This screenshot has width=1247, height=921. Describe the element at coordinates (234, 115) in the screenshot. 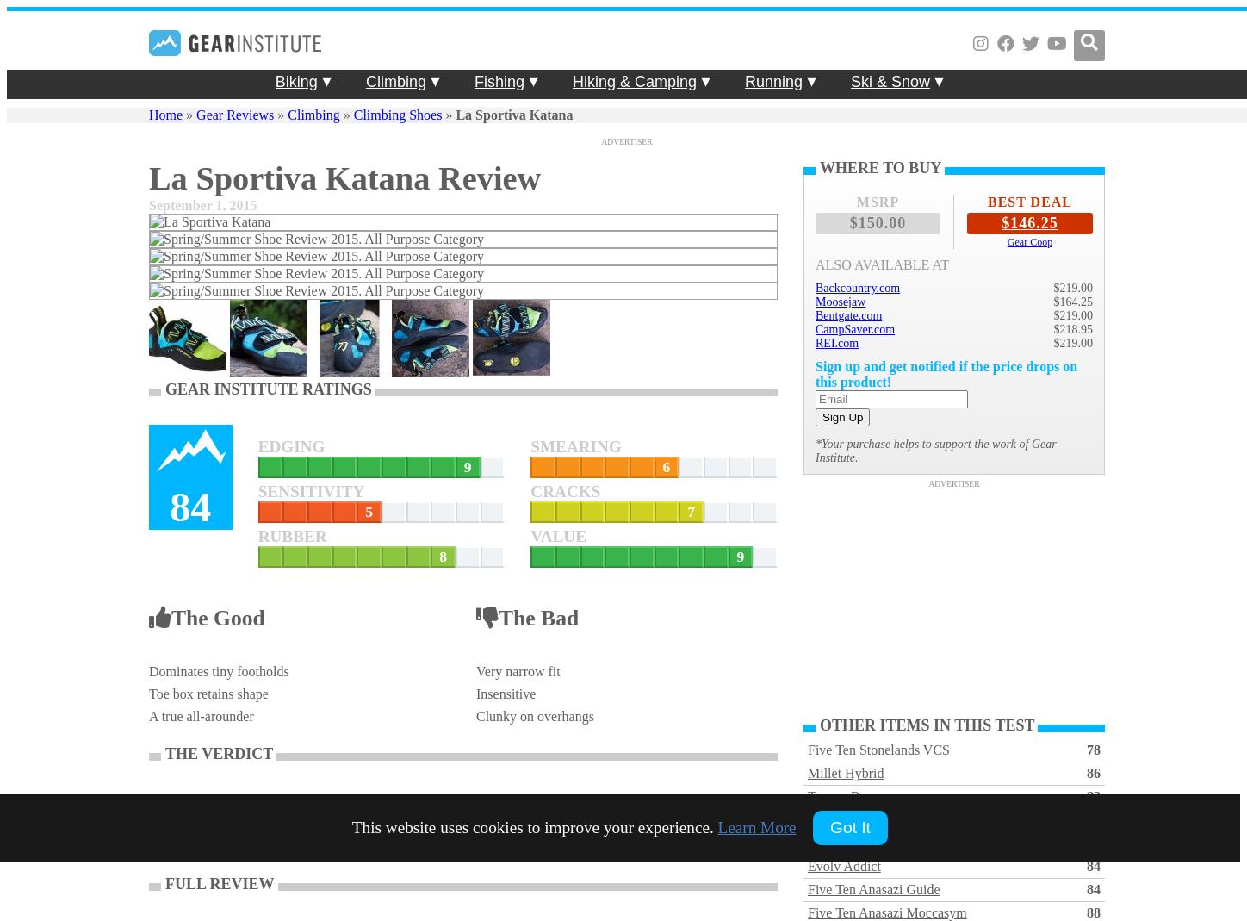

I see `'Gear Reviews'` at that location.